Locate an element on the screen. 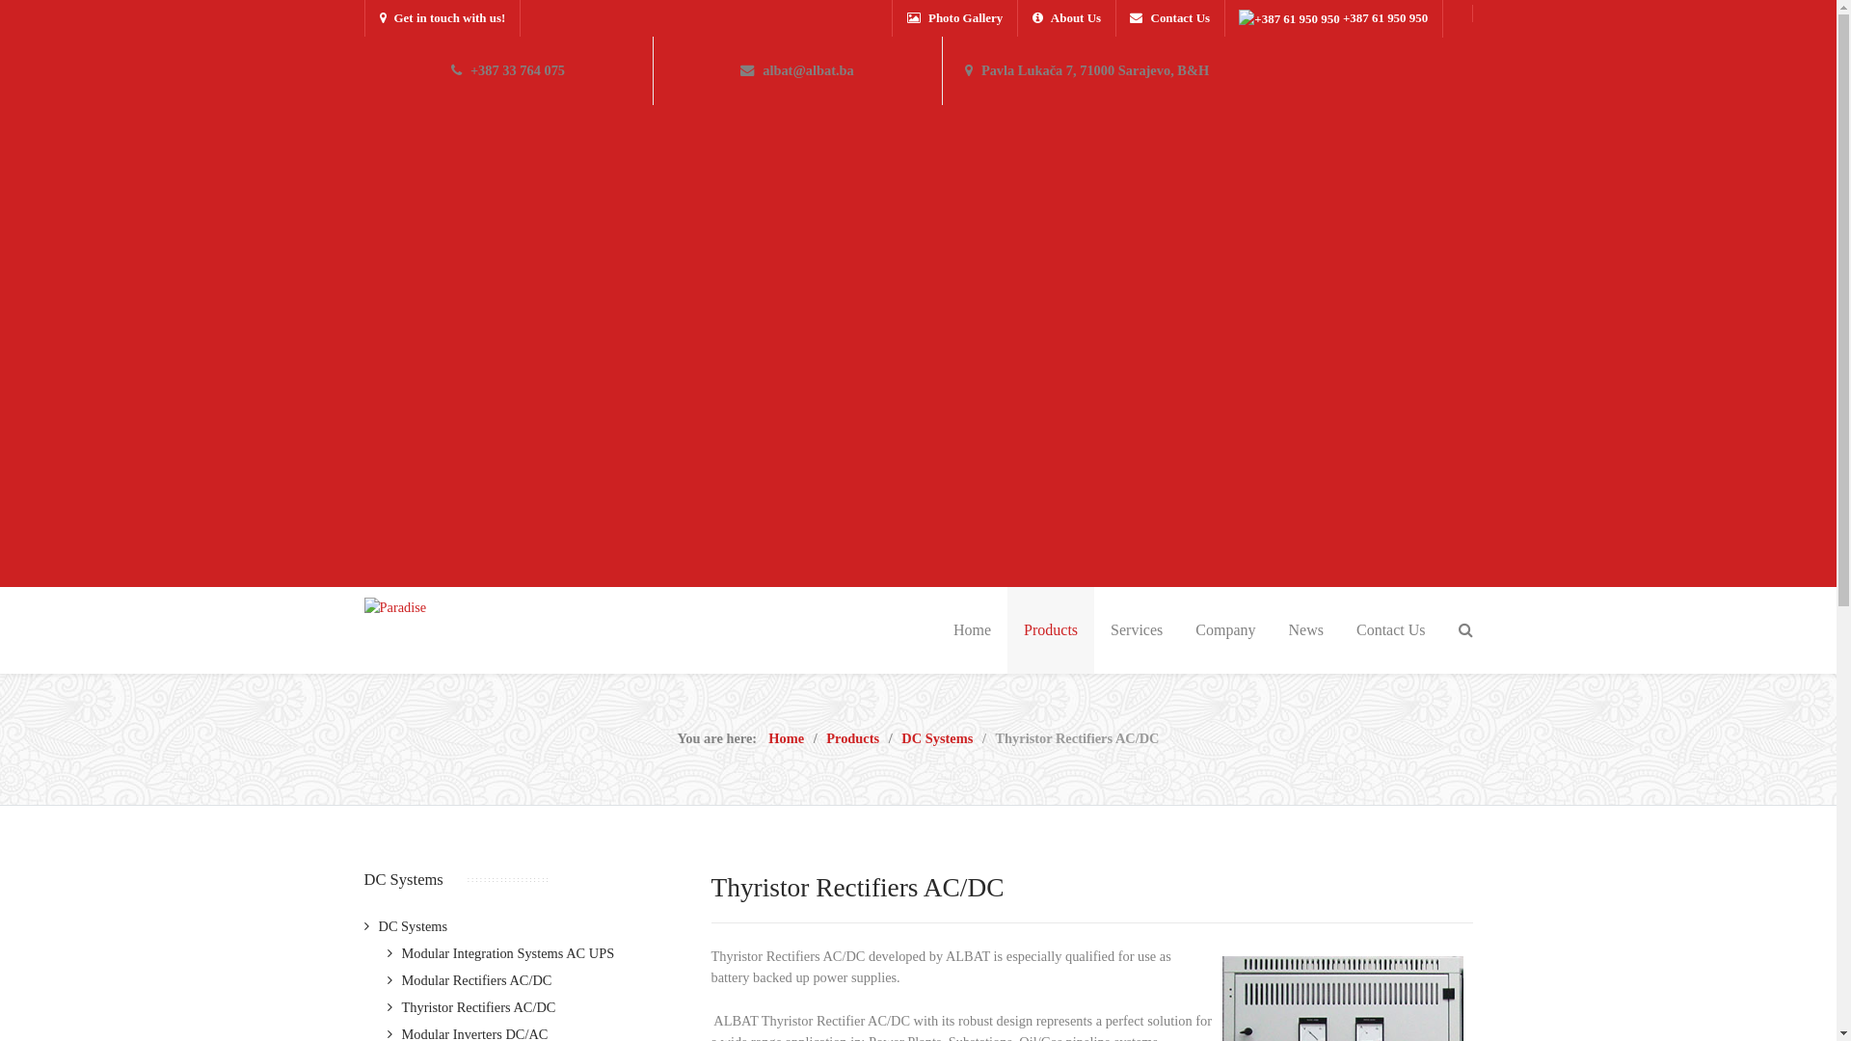 The height and width of the screenshot is (1041, 1851). 'Products' is located at coordinates (851, 737).